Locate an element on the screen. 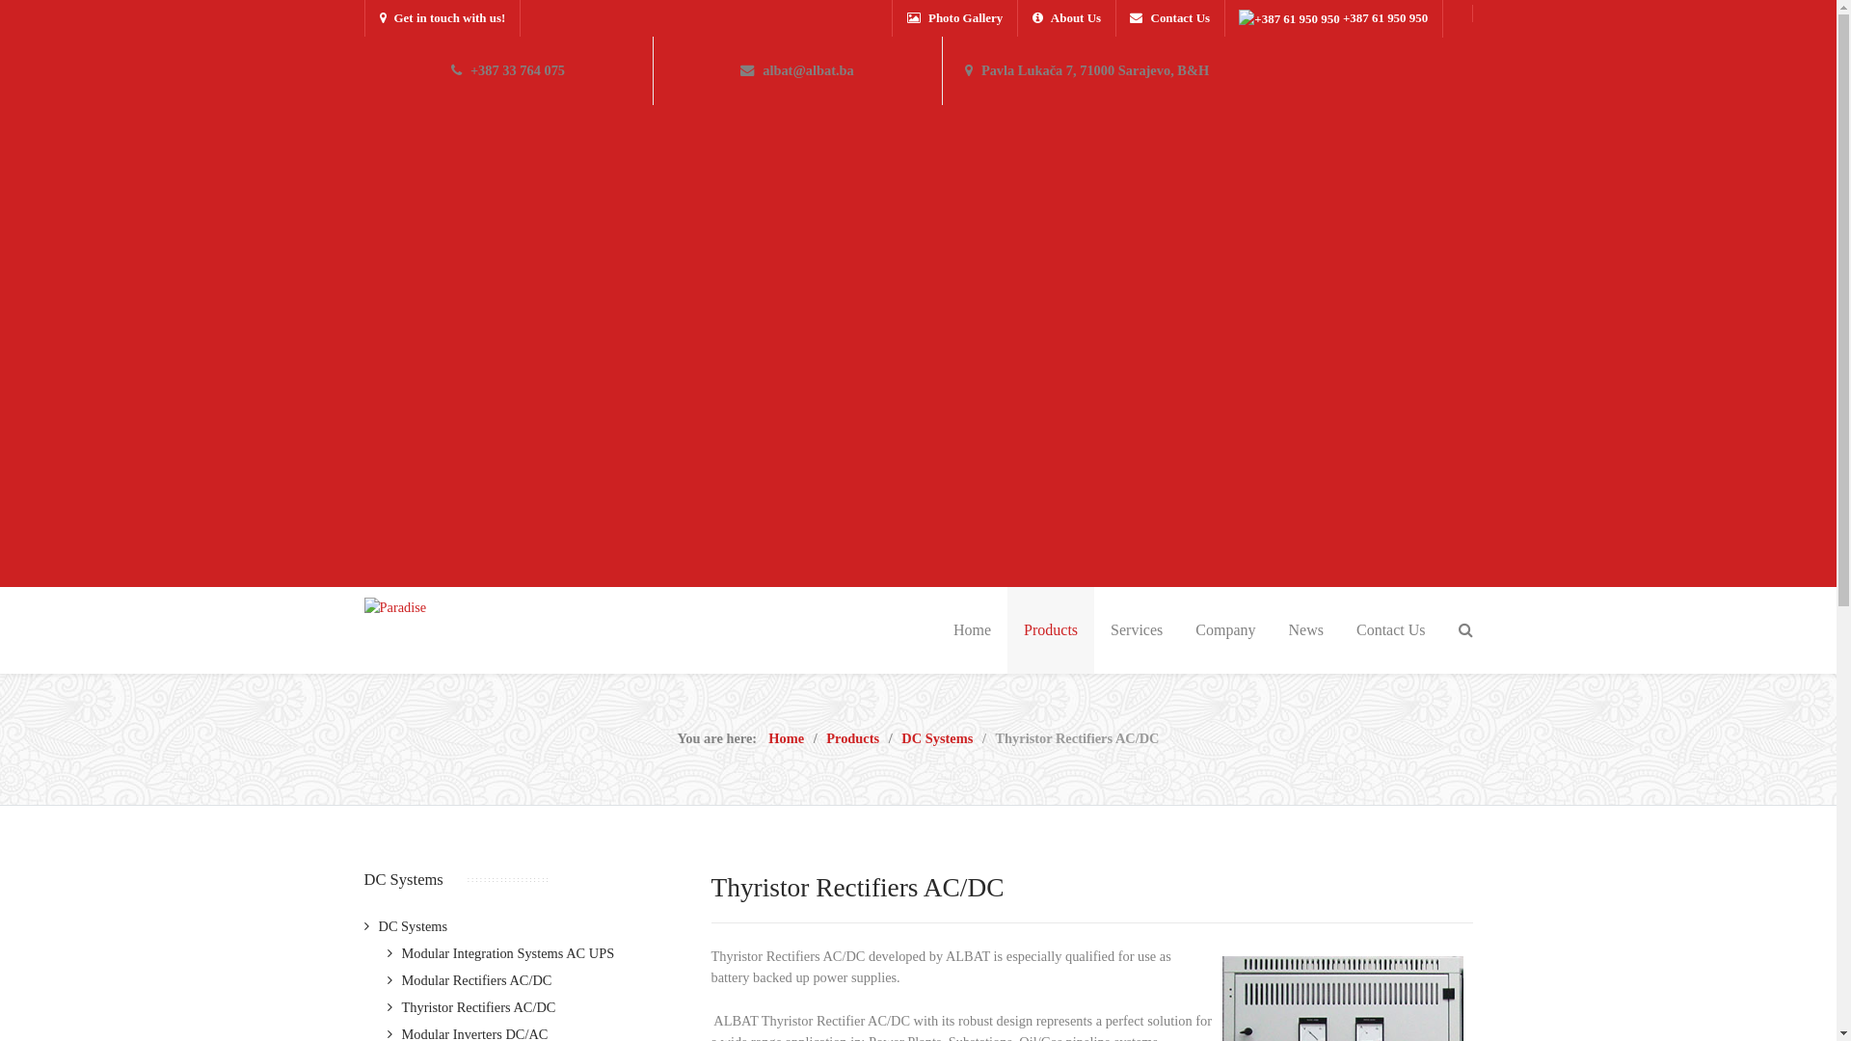 The height and width of the screenshot is (1041, 1851). 'Products' is located at coordinates (851, 737).